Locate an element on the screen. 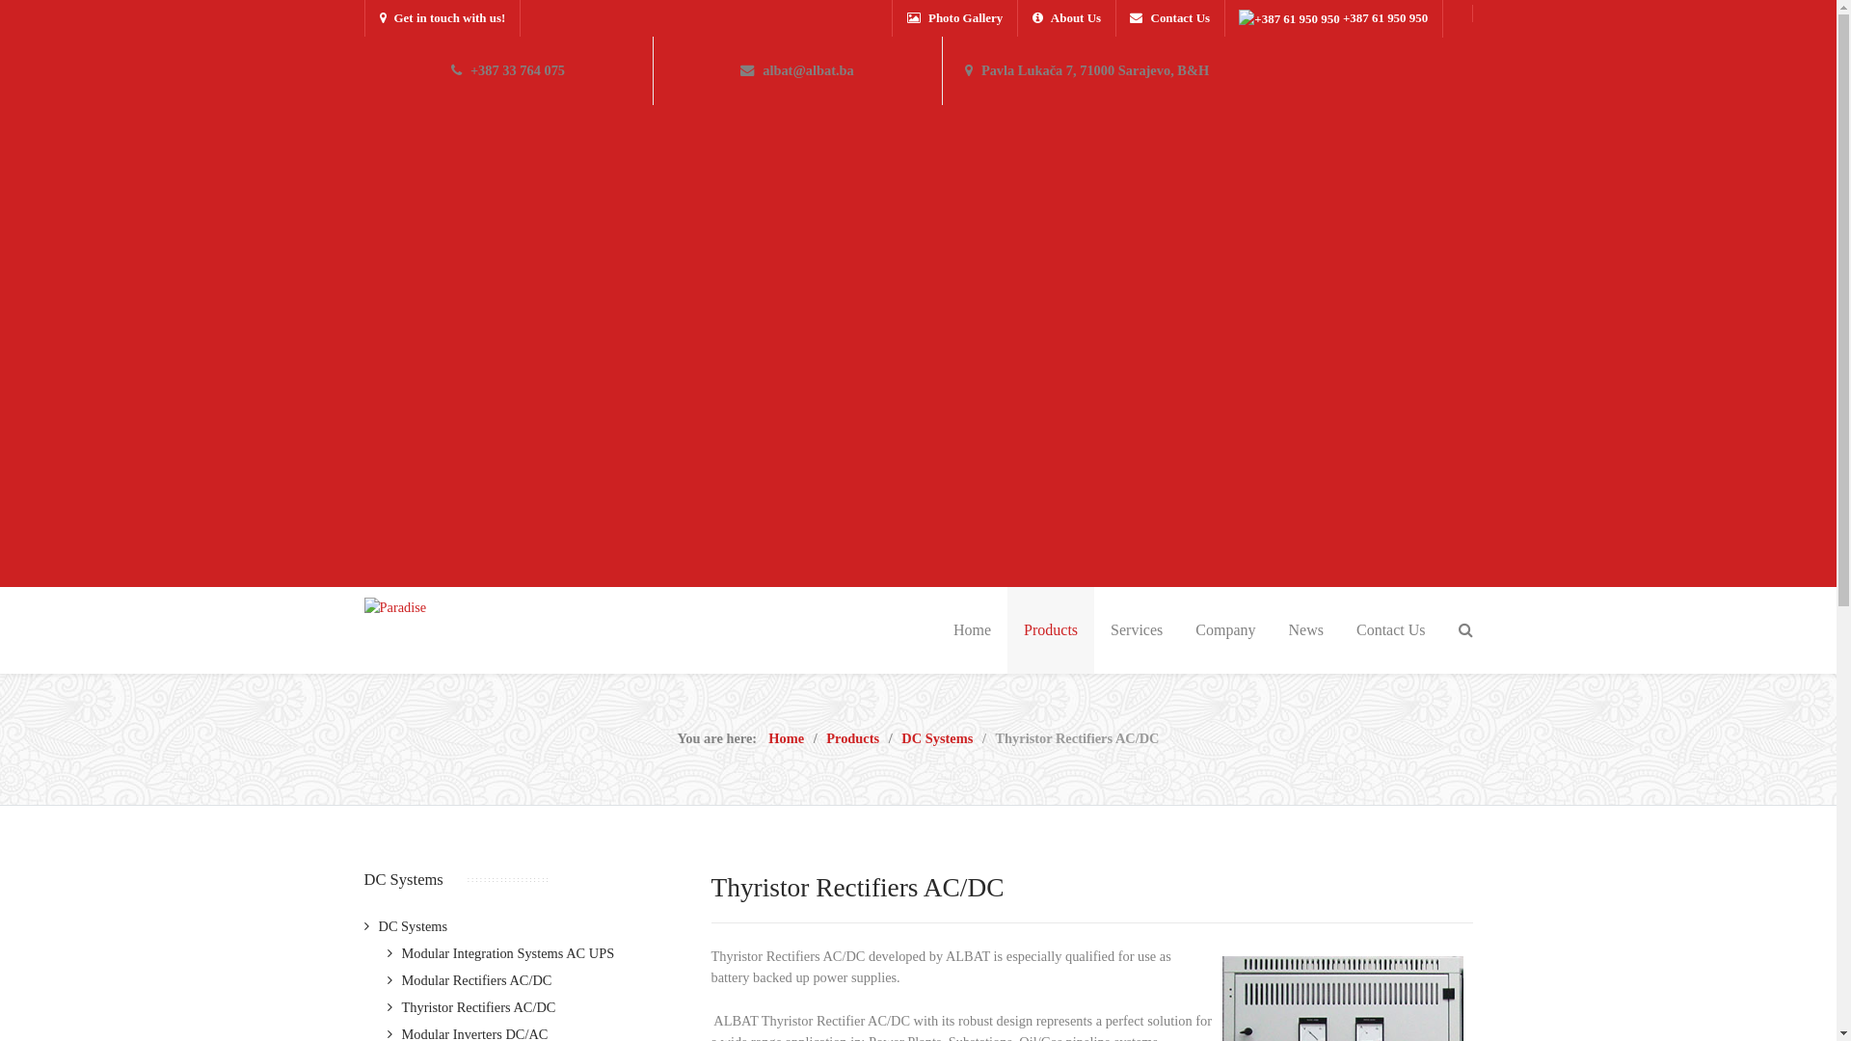 The height and width of the screenshot is (1041, 1851). 'Products' is located at coordinates (851, 737).